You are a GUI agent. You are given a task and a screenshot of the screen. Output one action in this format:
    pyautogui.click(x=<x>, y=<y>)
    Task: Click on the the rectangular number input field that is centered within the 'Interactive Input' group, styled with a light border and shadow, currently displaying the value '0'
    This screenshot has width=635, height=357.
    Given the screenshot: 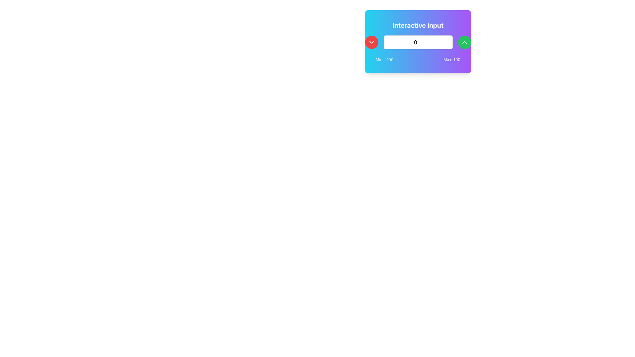 What is the action you would take?
    pyautogui.click(x=417, y=42)
    